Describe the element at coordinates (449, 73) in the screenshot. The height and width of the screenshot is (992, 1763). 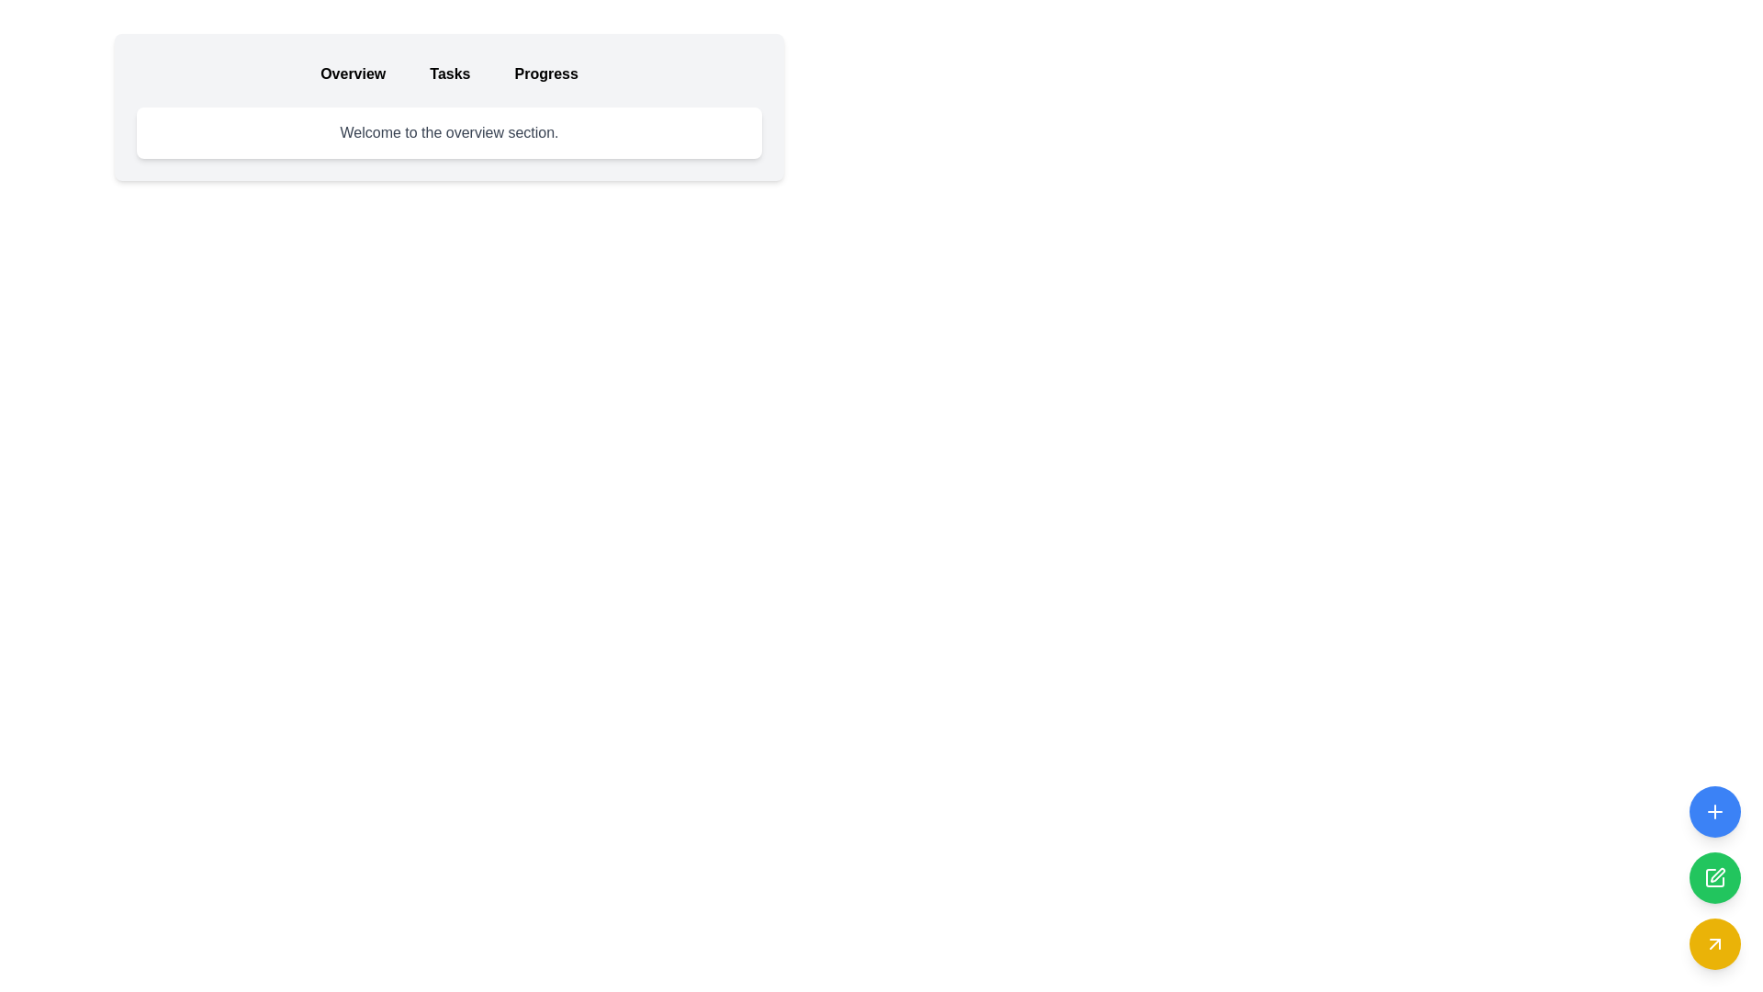
I see `the second item in the navigation menu that allows users to switch between 'Overview', 'Tasks', and 'Progress'` at that location.